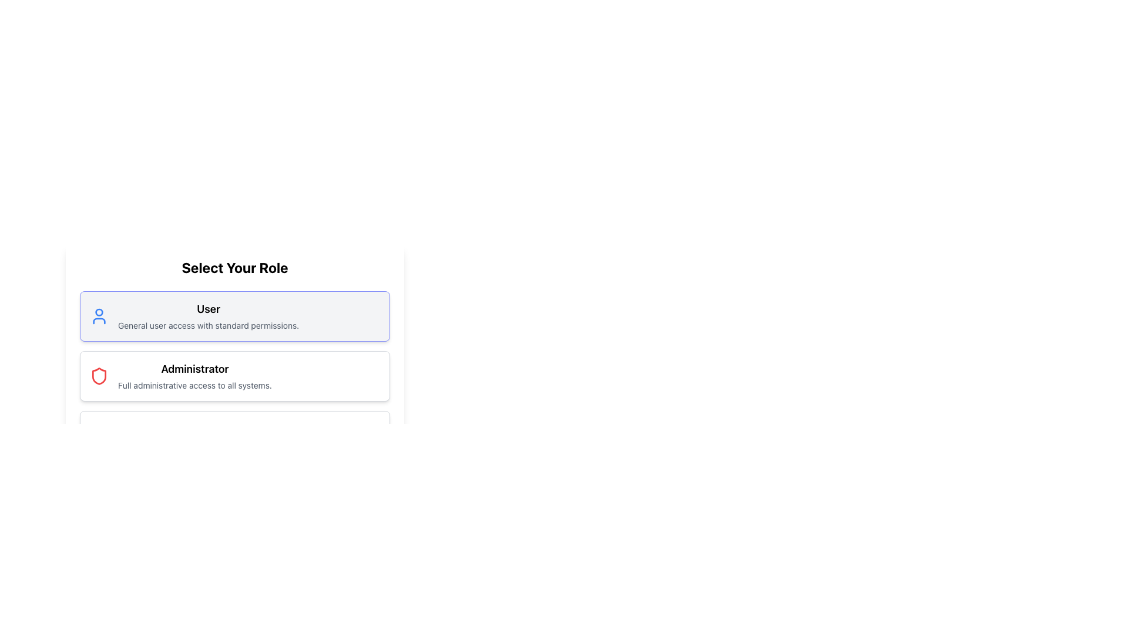  I want to click on the user icon, which is an SVG graphic located on the left side of the card adjacent to the text 'User', within the top section of a list of selectable options, so click(99, 316).